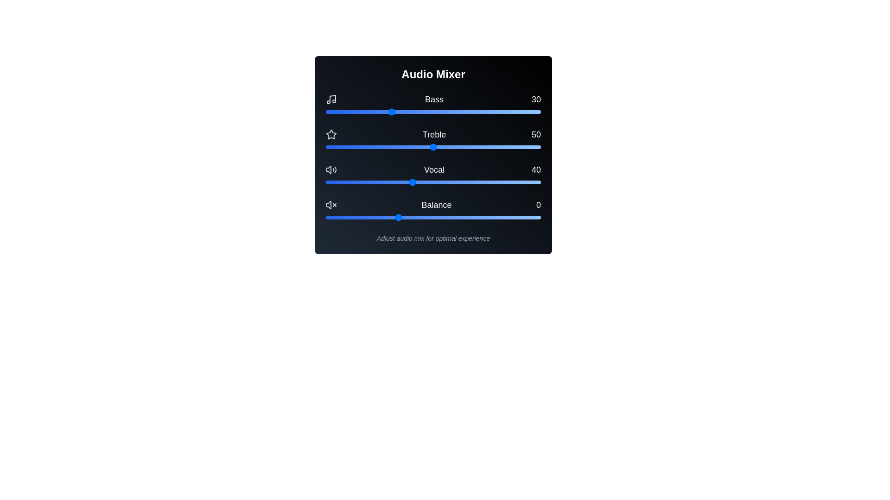 This screenshot has width=890, height=500. What do you see at coordinates (500, 218) in the screenshot?
I see `the balance slider to 72 within its range of -50 to 100` at bounding box center [500, 218].